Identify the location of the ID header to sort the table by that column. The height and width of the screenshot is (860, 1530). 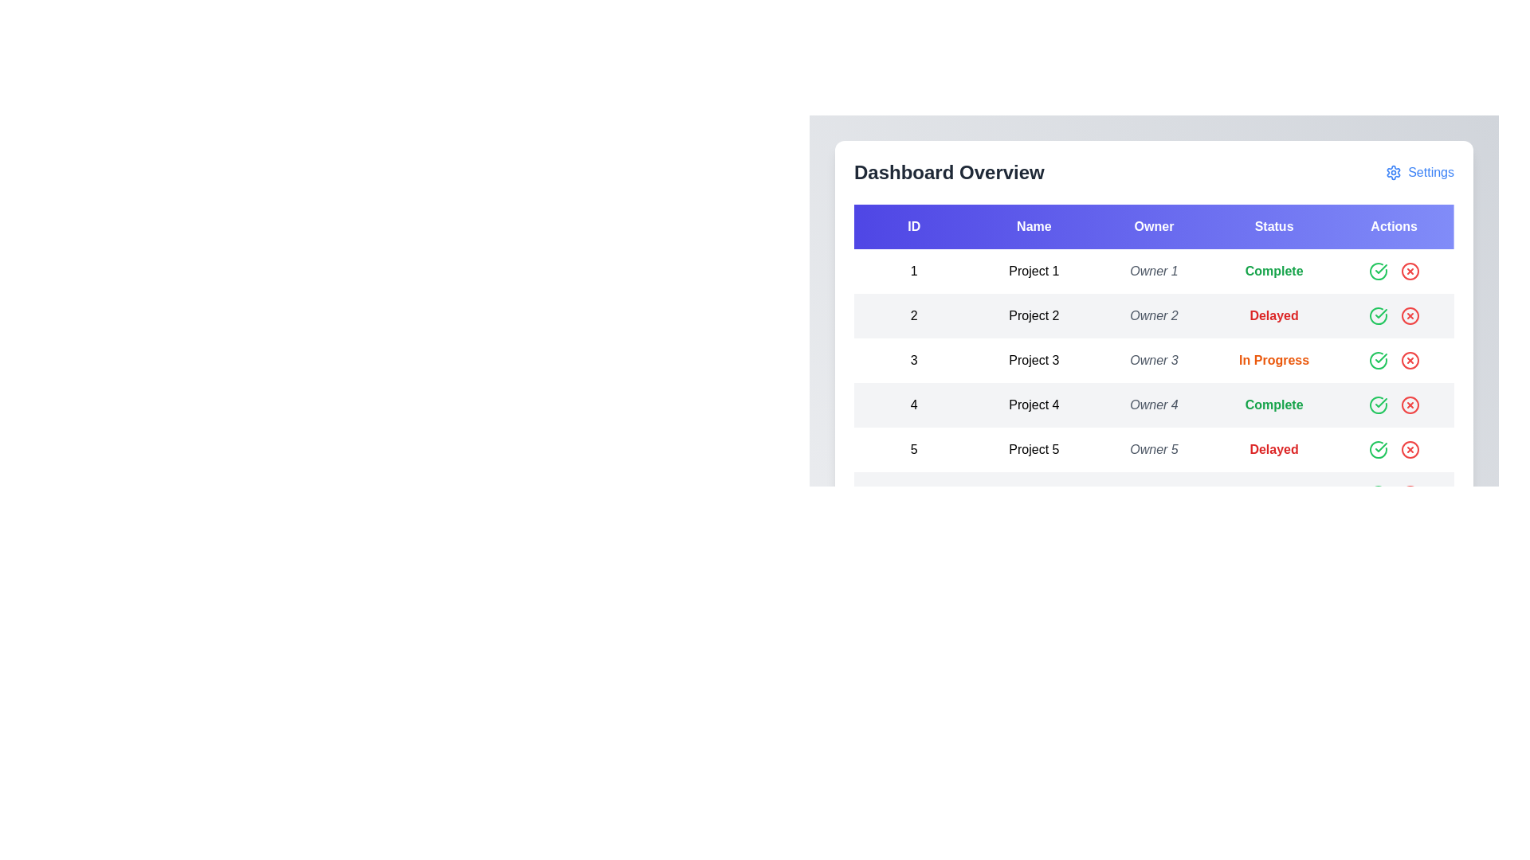
(914, 227).